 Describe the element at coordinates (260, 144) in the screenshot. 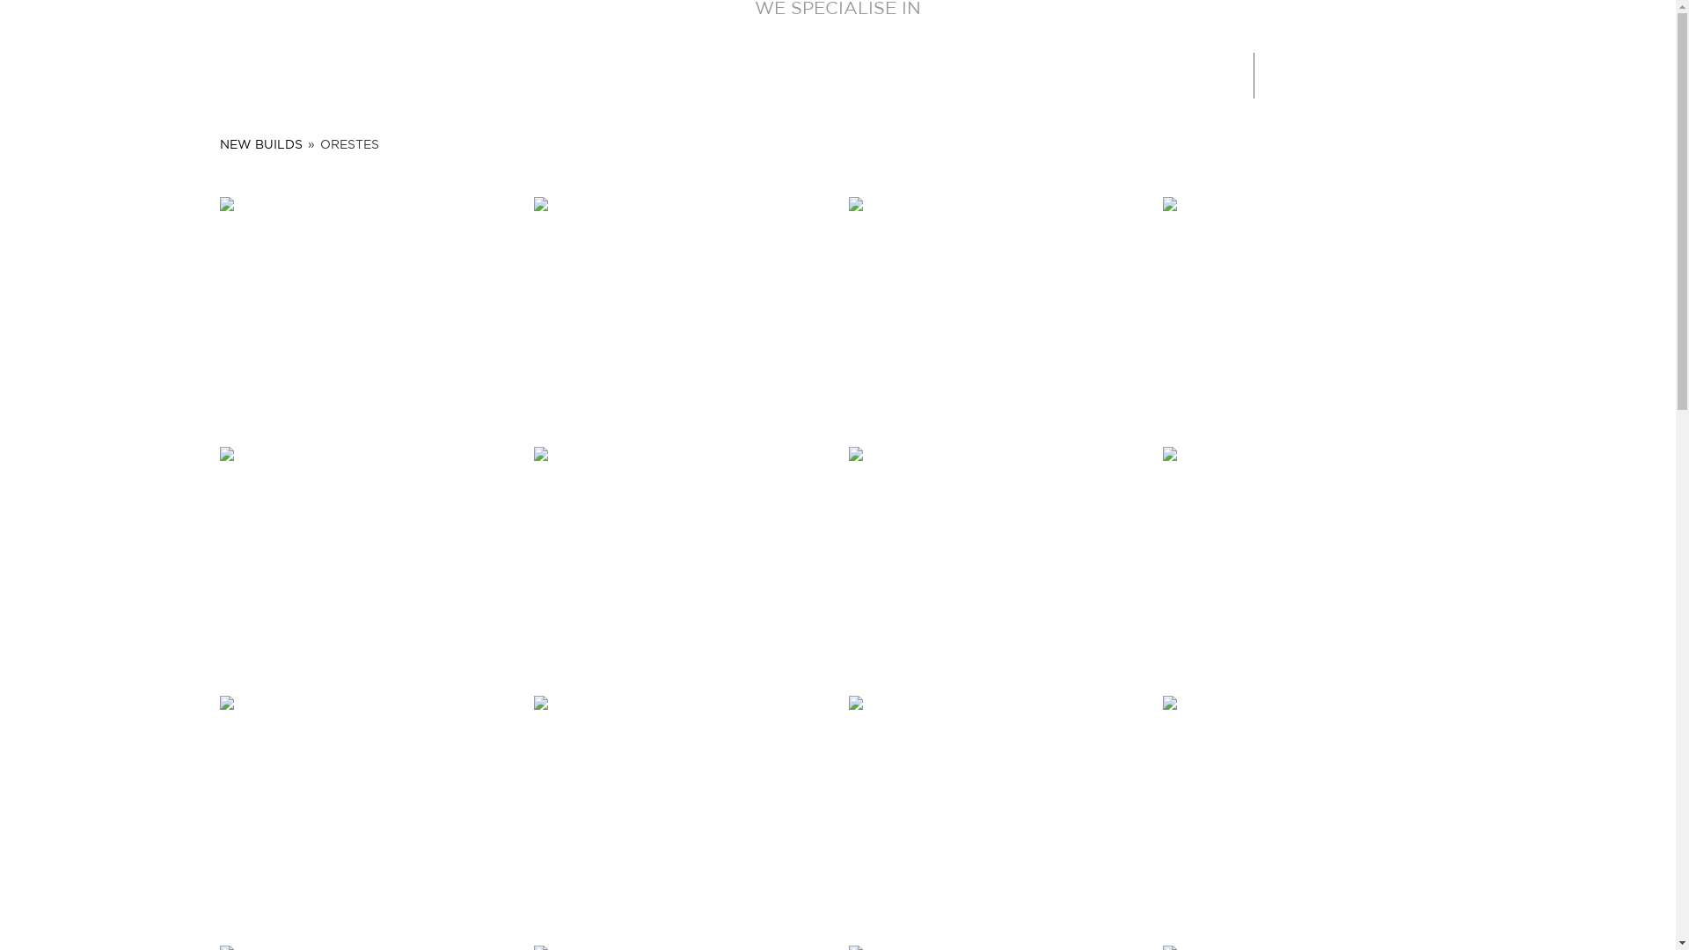

I see `'NEW BUILDS'` at that location.